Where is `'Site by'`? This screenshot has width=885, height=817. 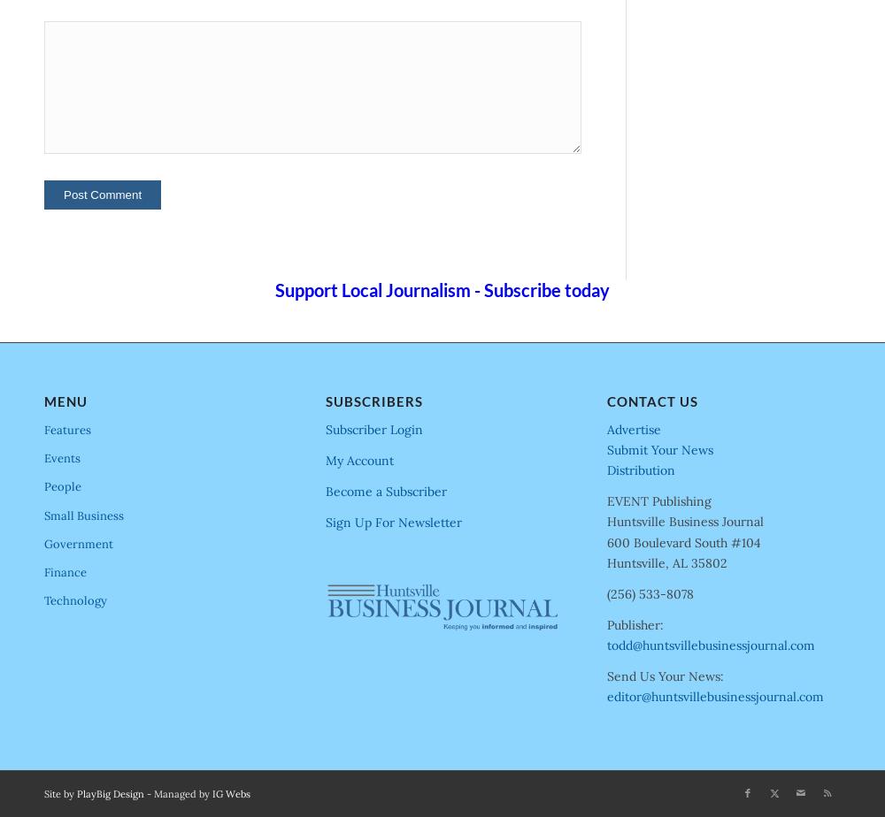
'Site by' is located at coordinates (59, 793).